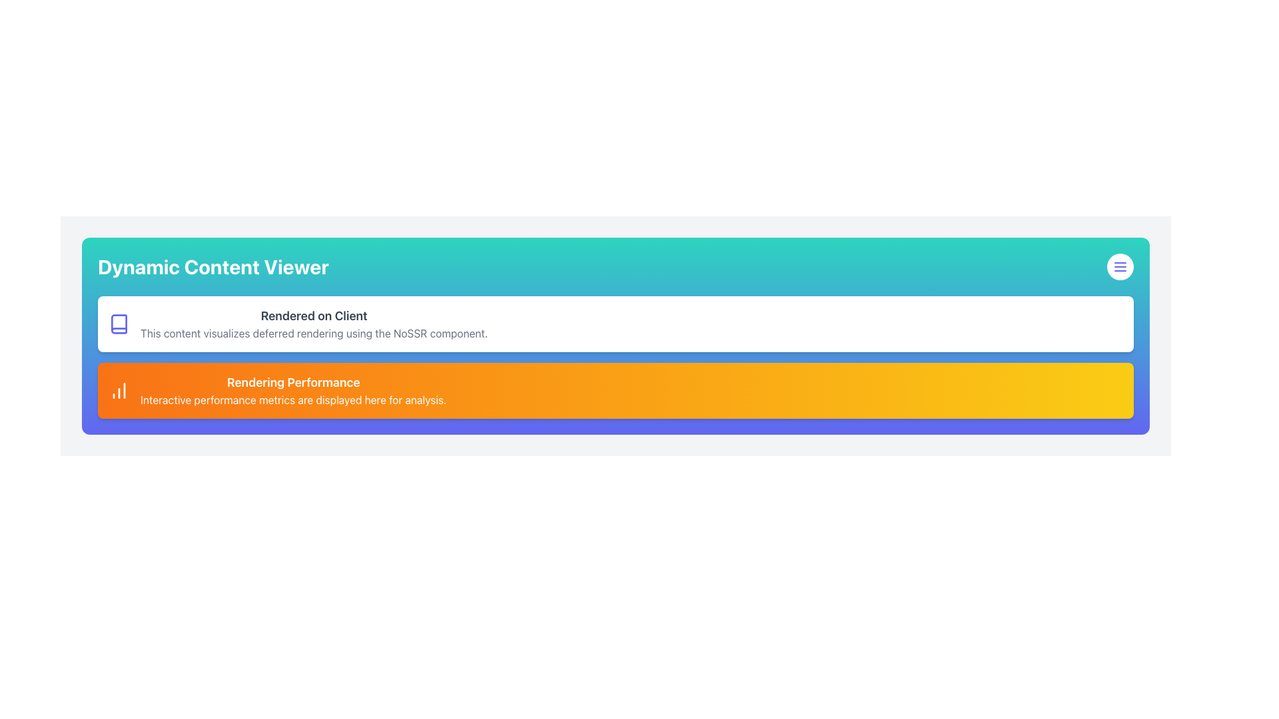 This screenshot has height=719, width=1279. What do you see at coordinates (119, 324) in the screenshot?
I see `the open book icon located near the top-left corner of the 'Rendered on Client' section` at bounding box center [119, 324].